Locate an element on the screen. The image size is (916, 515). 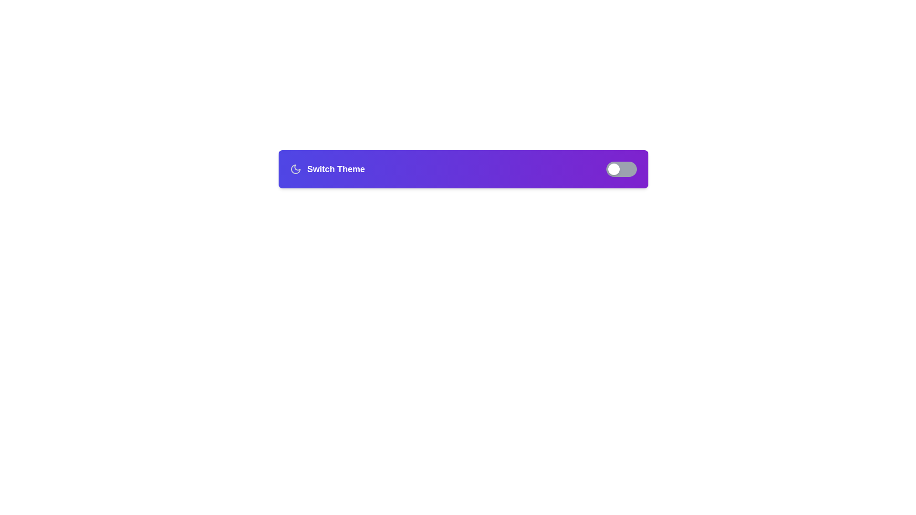
the 'Switch Theme' text label, which is prominently displayed in white on a vibrant purple background, located centrally between a moon icon and a toggle switch is located at coordinates (336, 168).